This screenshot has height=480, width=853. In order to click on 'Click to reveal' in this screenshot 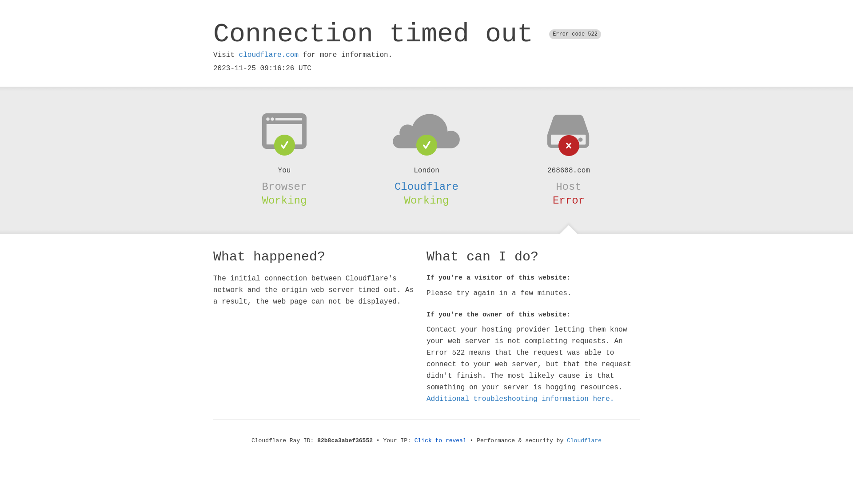, I will do `click(440, 440)`.